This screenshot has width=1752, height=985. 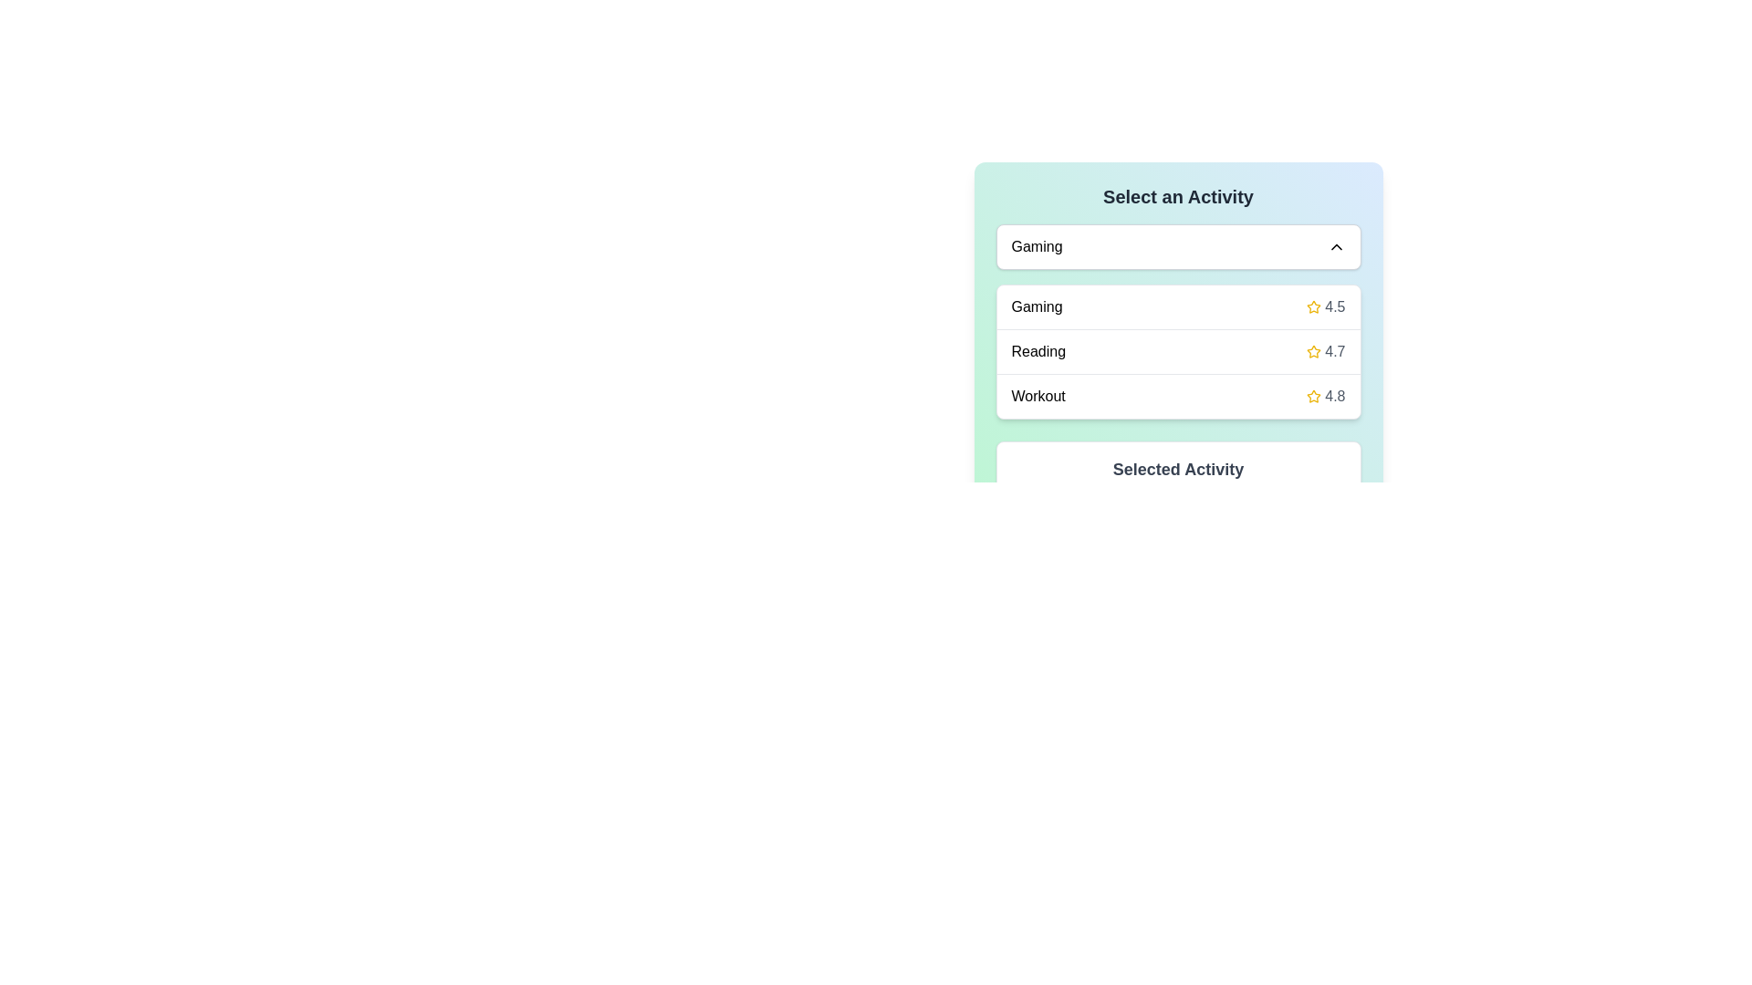 I want to click on the 'Gaming' text label, which is displayed in a standard sans-serif font, styled in black on a white background, located near the top of a dropdown menu interface, so click(x=1037, y=246).